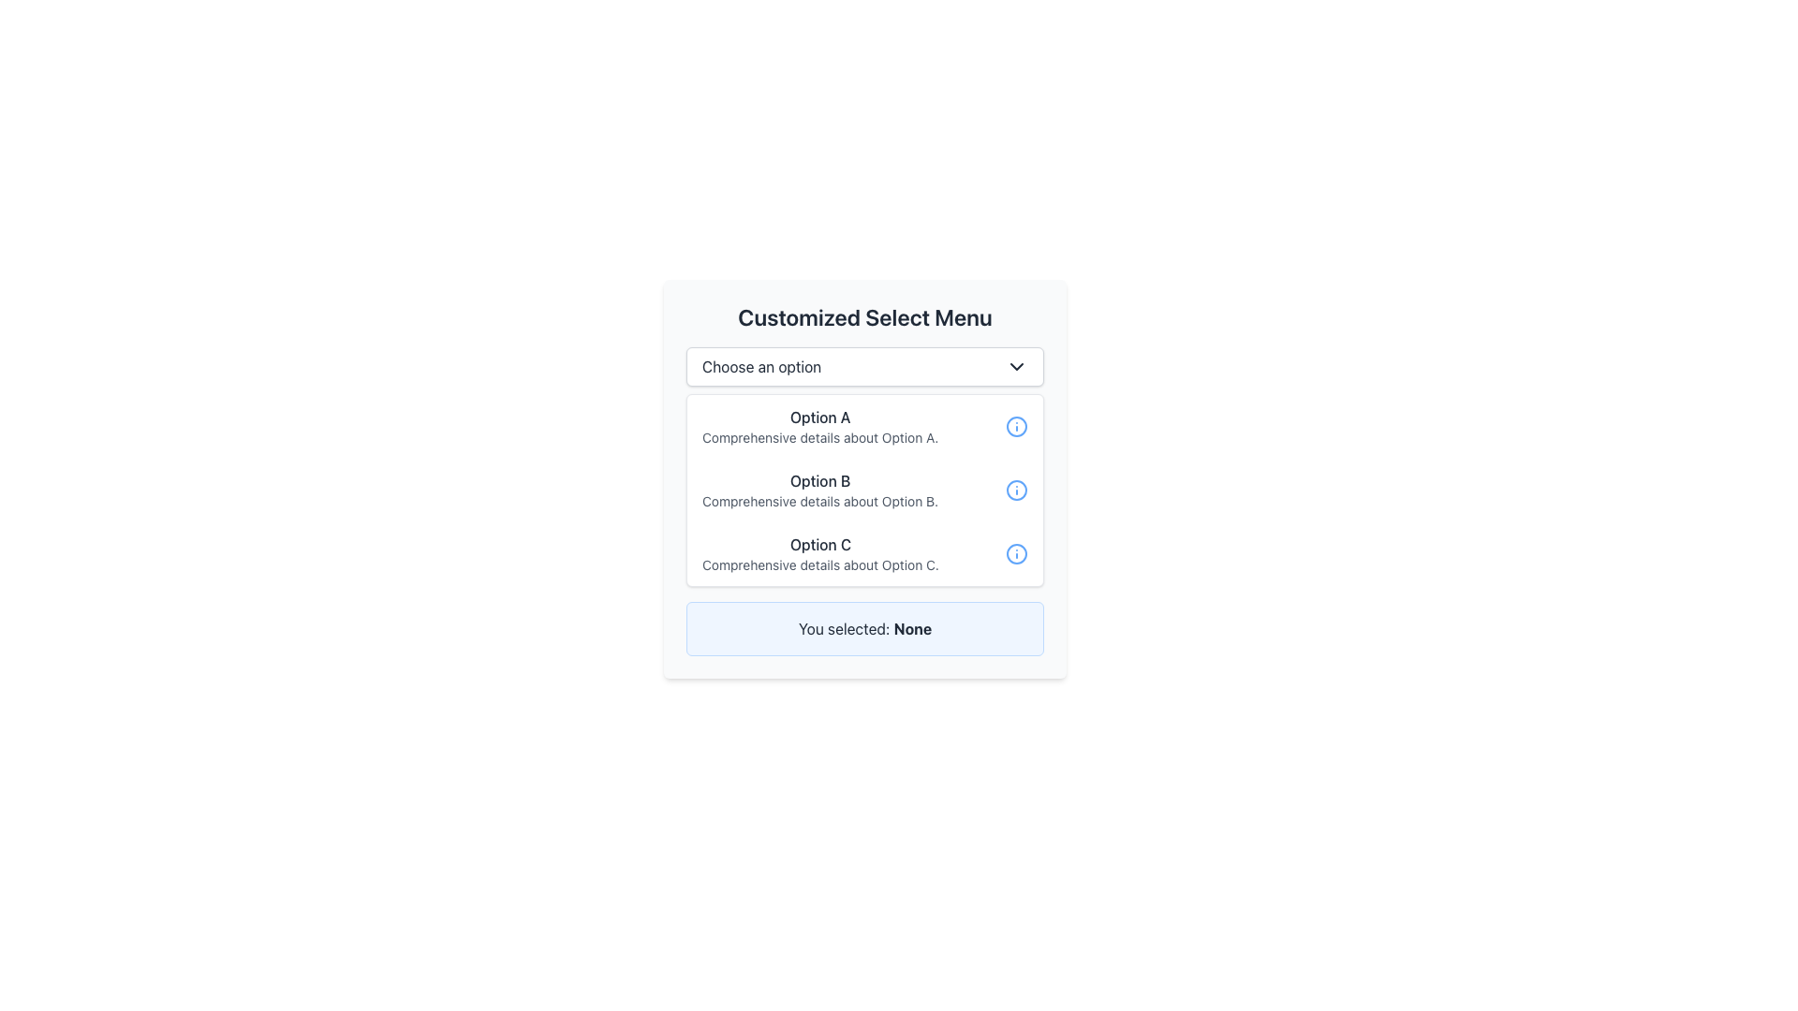 The image size is (1798, 1011). I want to click on the first list item titled 'Option A' in the dropdown menu titled 'Choose an option', so click(820, 426).